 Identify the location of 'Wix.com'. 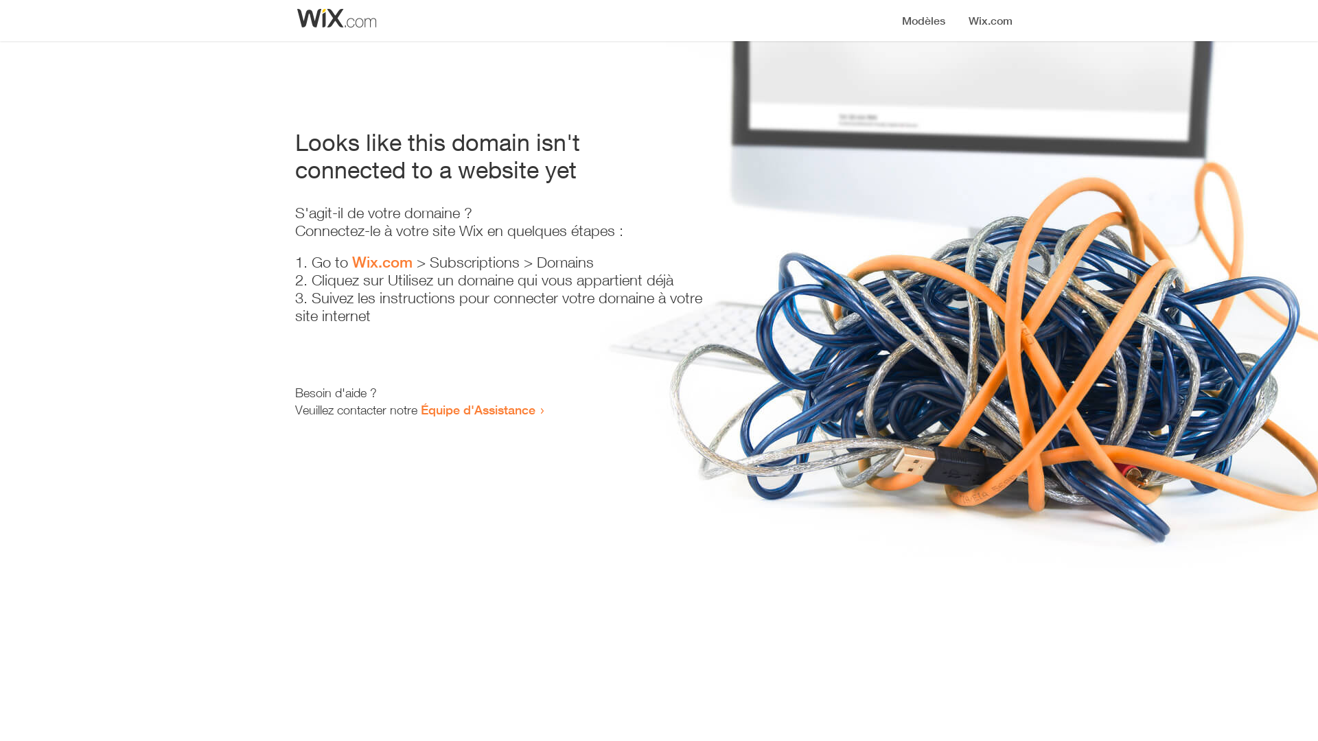
(382, 261).